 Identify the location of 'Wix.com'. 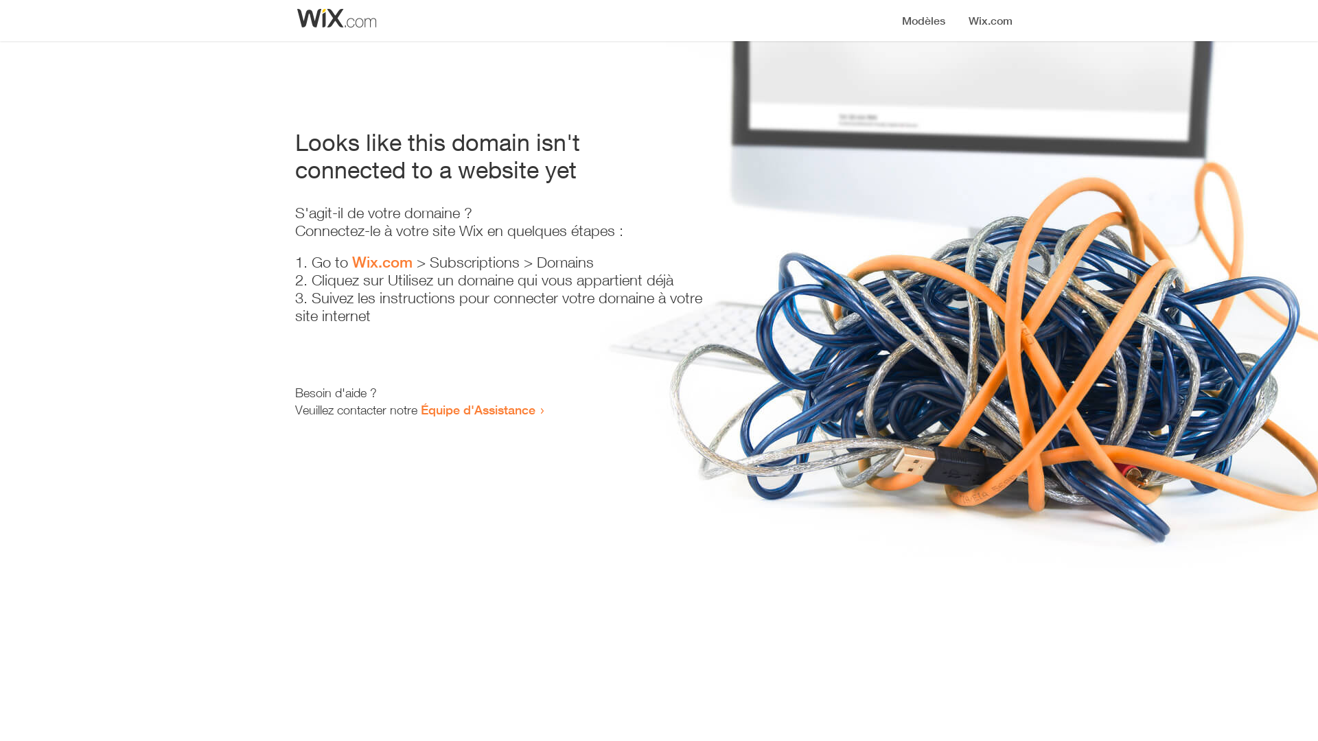
(382, 261).